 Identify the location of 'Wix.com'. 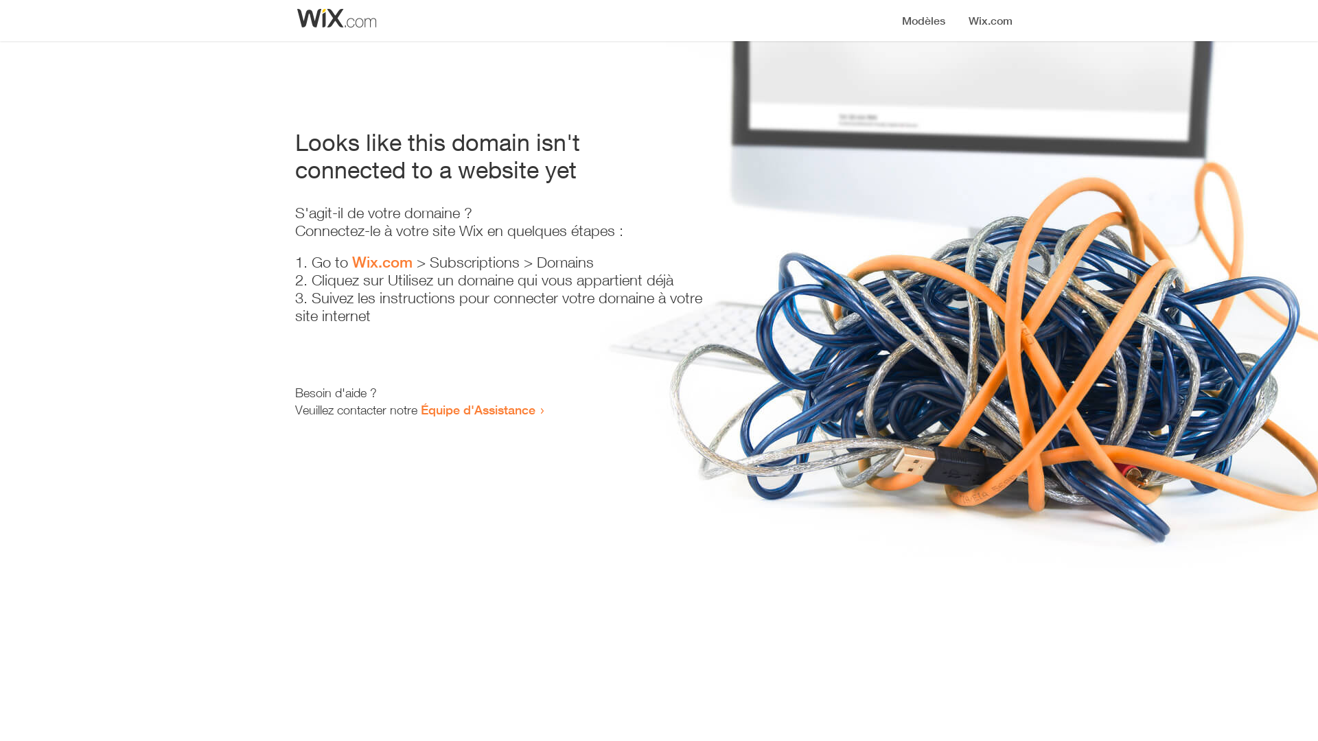
(382, 261).